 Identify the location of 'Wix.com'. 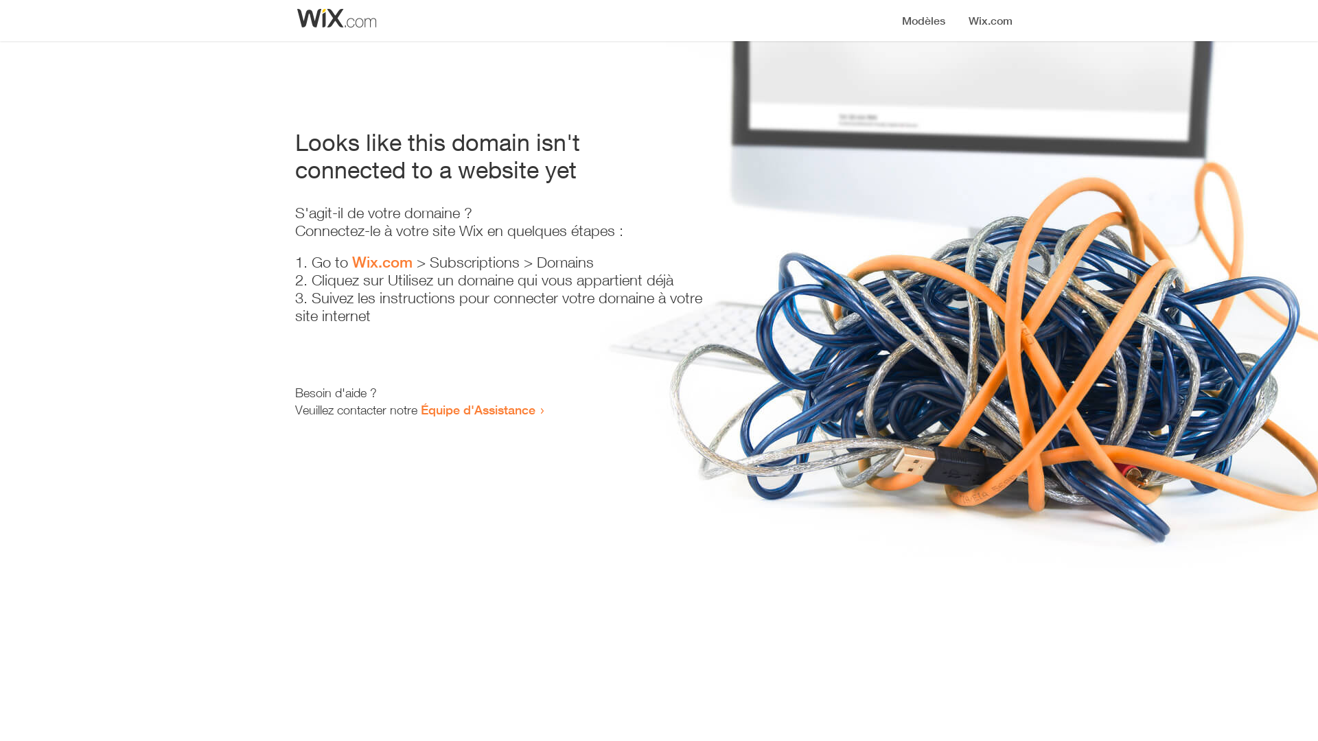
(382, 261).